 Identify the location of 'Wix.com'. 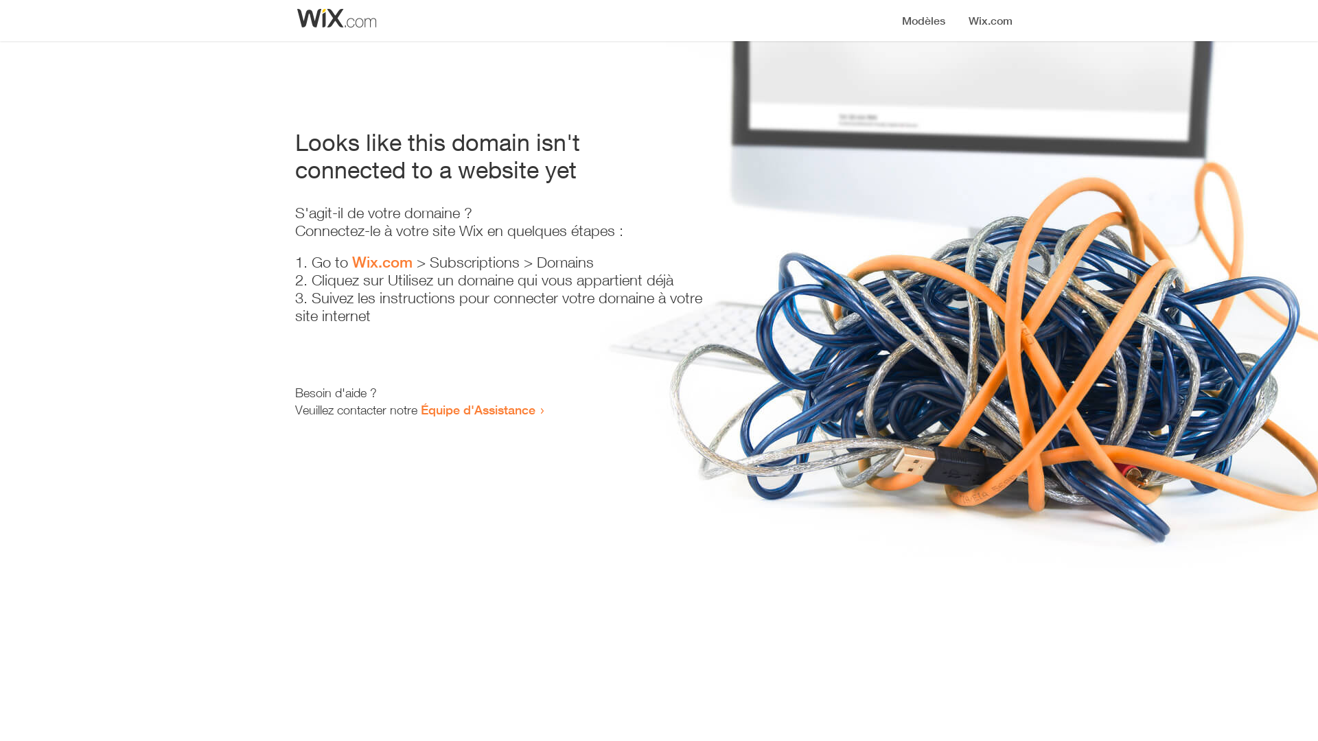
(382, 261).